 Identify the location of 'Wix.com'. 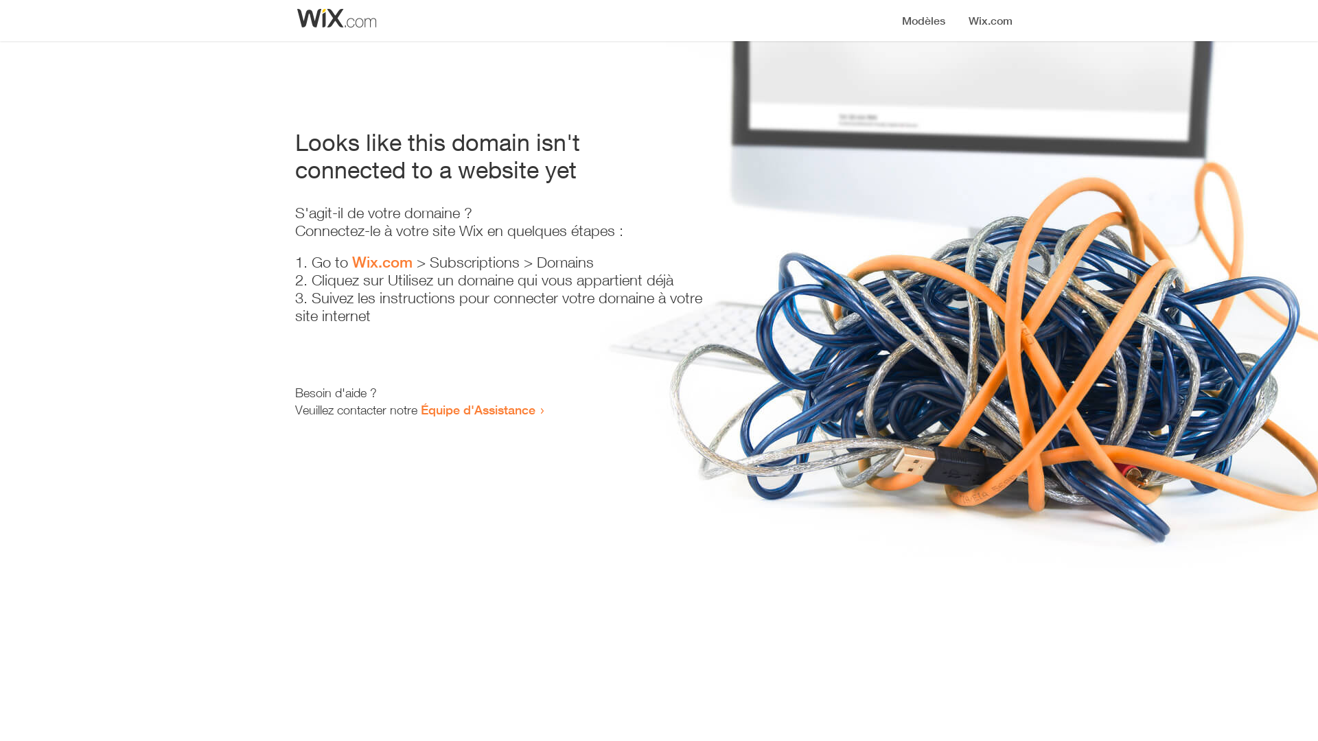
(382, 261).